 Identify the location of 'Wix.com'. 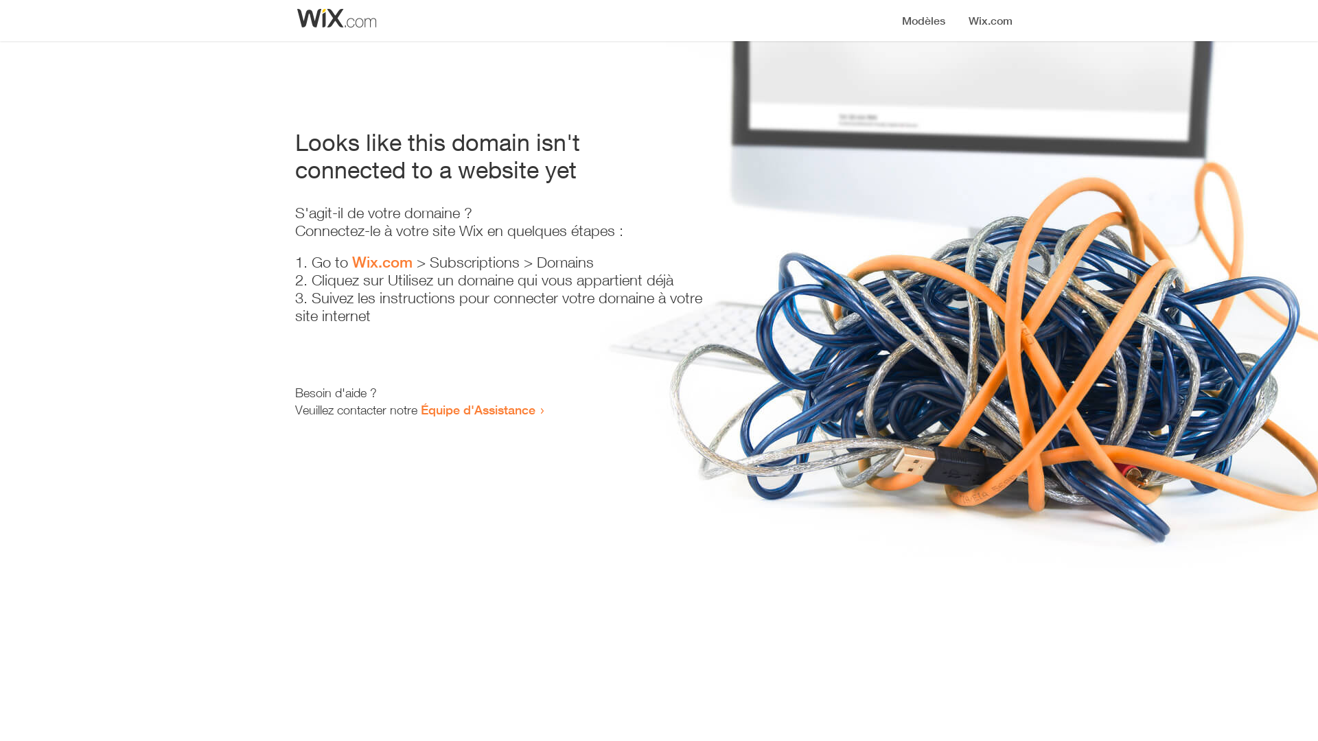
(382, 261).